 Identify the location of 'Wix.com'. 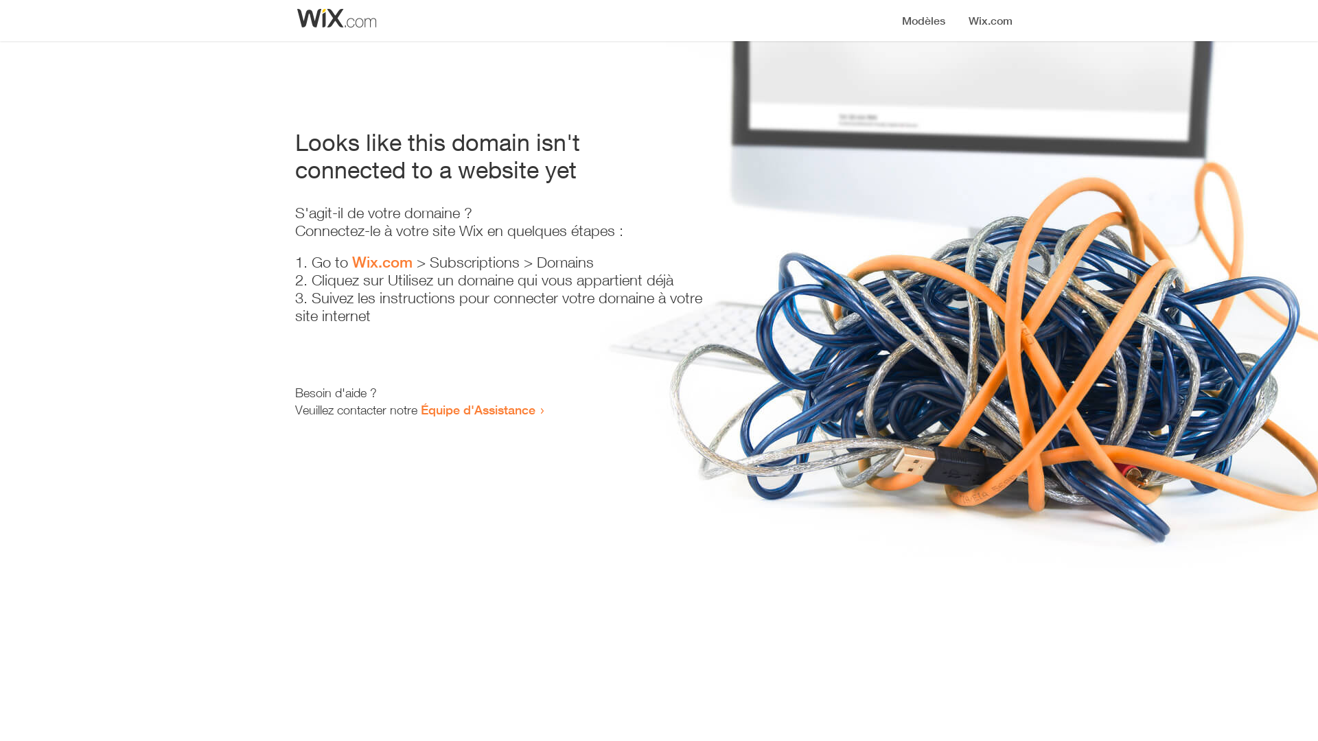
(382, 261).